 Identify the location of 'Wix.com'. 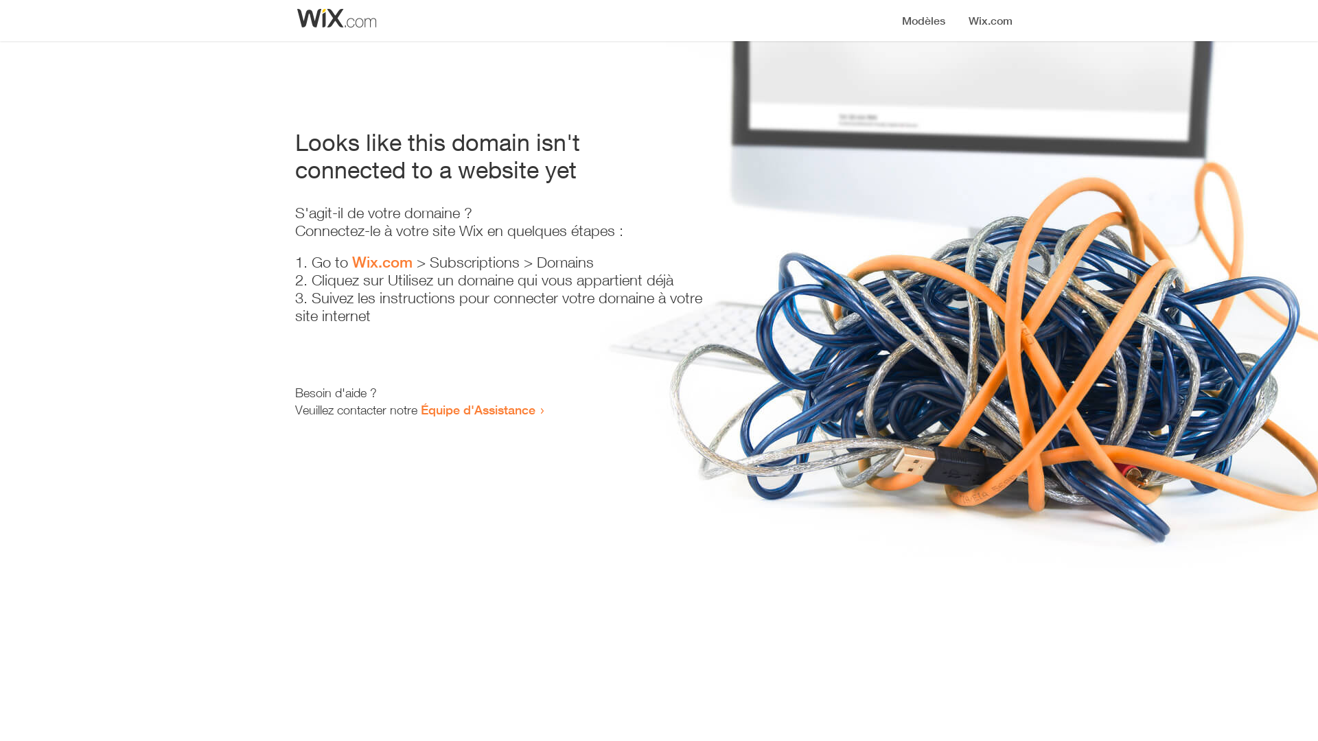
(382, 261).